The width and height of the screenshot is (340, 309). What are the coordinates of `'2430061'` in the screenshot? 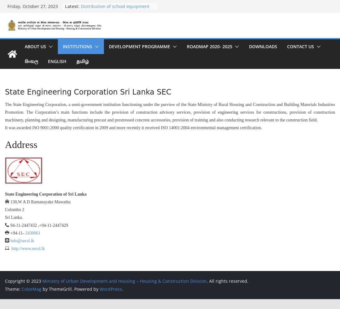 It's located at (32, 233).